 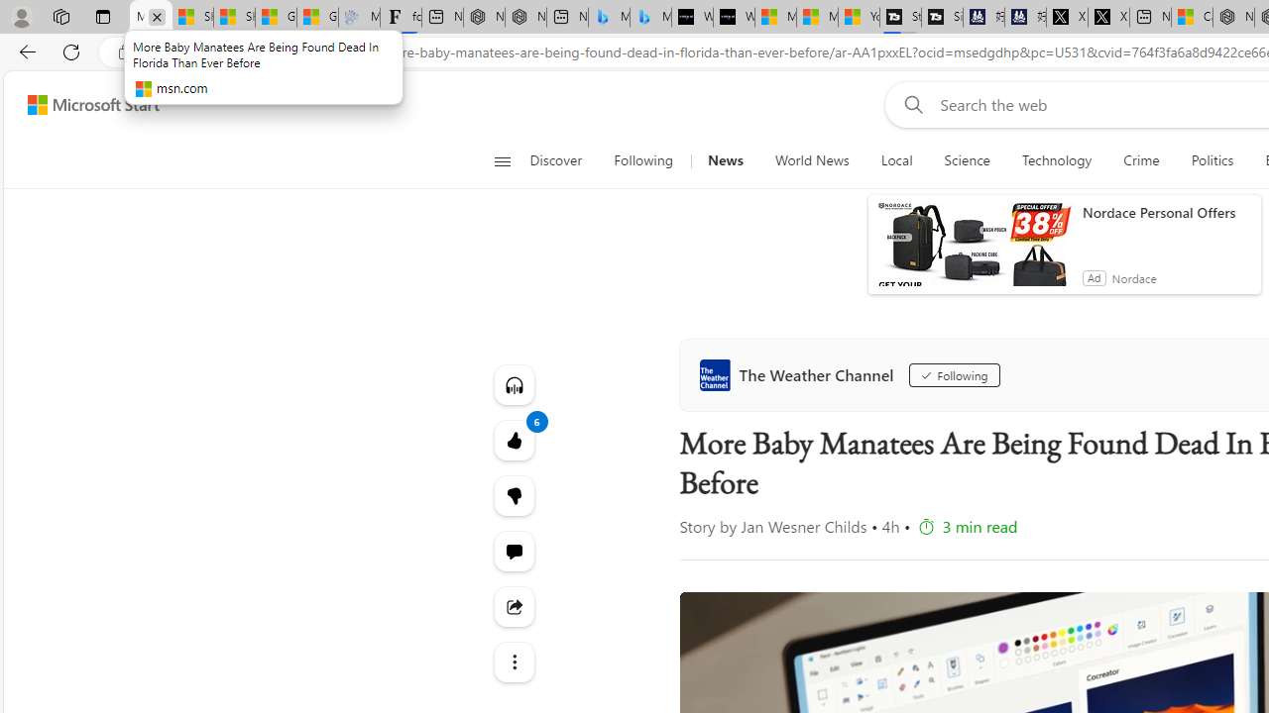 What do you see at coordinates (102, 16) in the screenshot?
I see `'Tab actions menu'` at bounding box center [102, 16].